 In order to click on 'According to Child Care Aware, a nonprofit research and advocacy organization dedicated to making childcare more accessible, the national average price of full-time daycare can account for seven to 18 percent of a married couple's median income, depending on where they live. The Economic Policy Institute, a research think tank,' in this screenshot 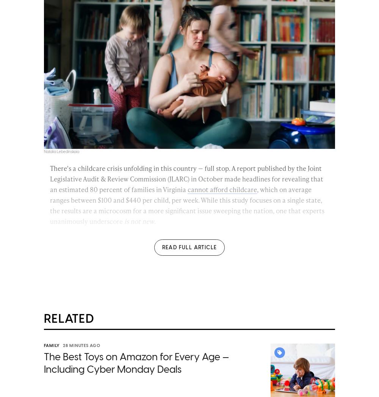, I will do `click(188, 256)`.